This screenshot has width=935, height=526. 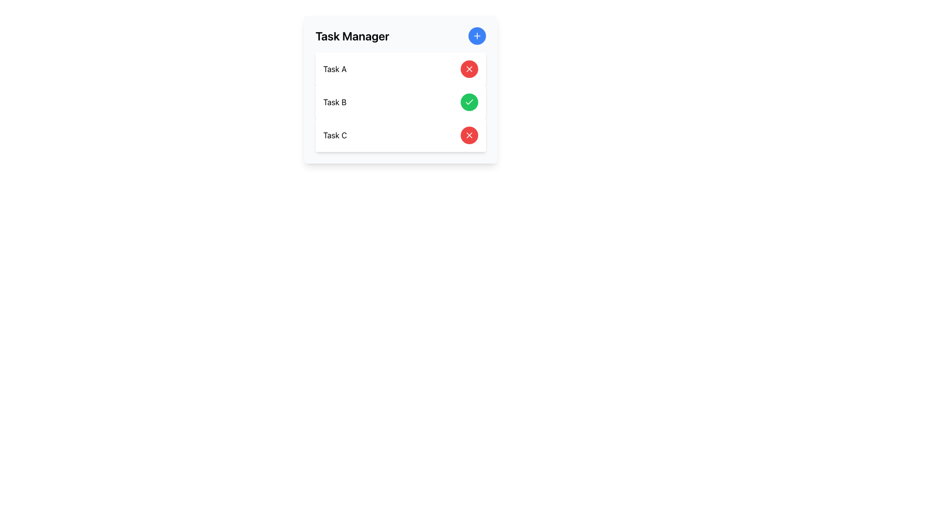 What do you see at coordinates (469, 102) in the screenshot?
I see `the checkmark button located to the right of the 'Task B' label to mark the task as complete` at bounding box center [469, 102].